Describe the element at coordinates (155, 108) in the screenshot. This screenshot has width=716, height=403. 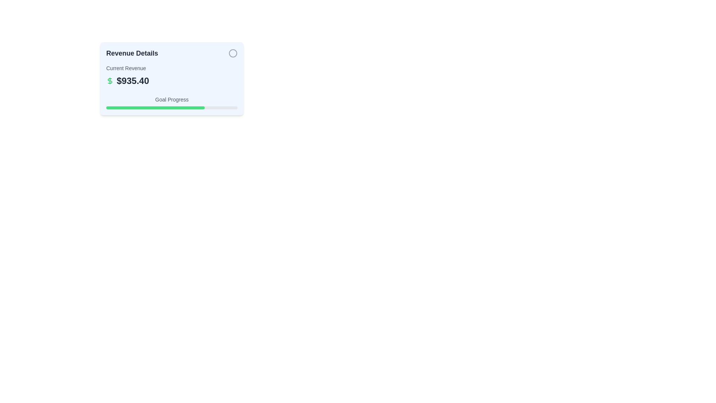
I see `the Progress bar located beneath the 'Goal Progress' label in the 'Revenue Details' card, which visually represents the progress of a goal achieved` at that location.